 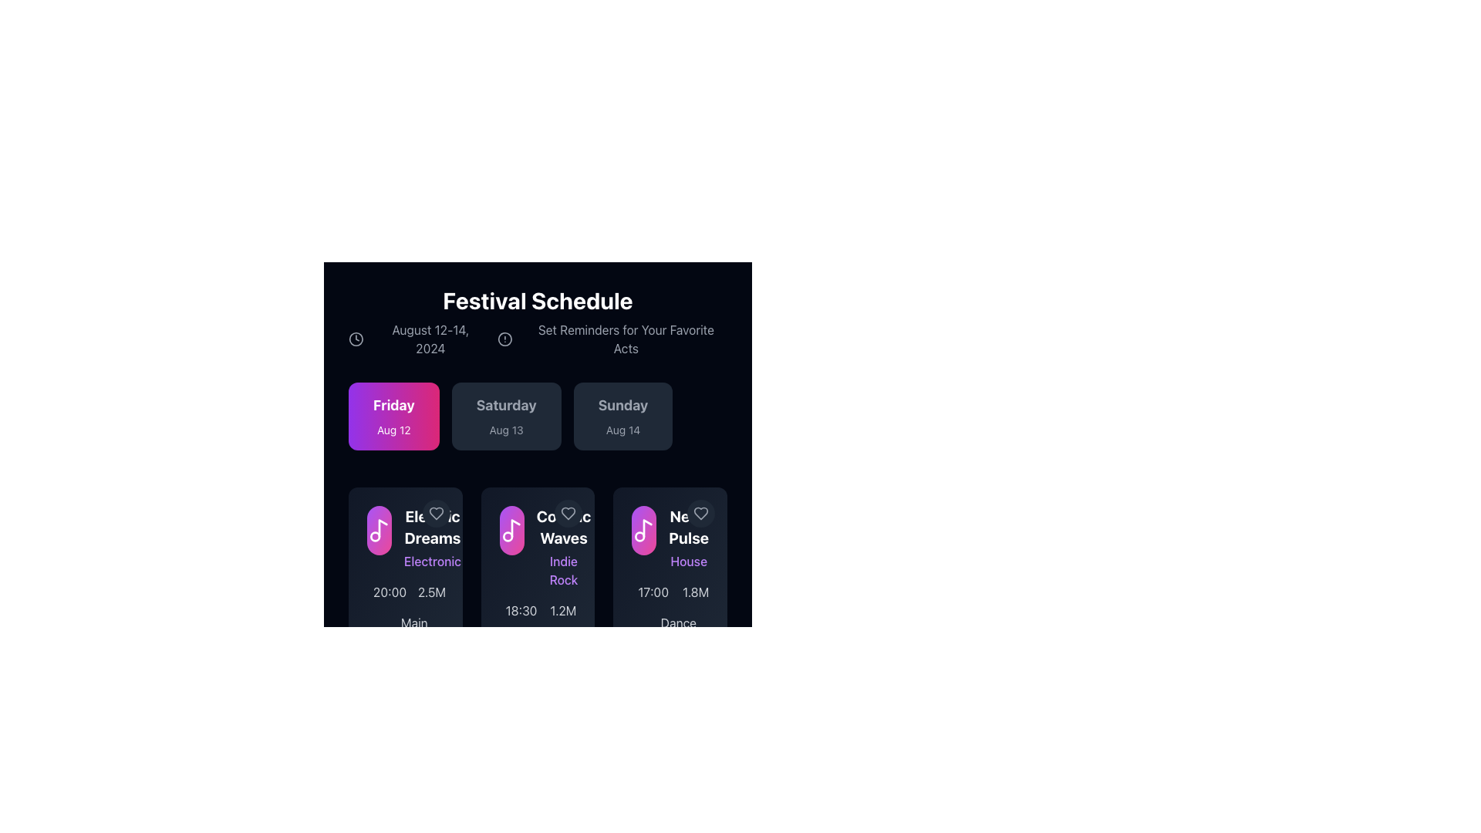 What do you see at coordinates (670, 593) in the screenshot?
I see `the event information card for 'Neon Pulse'` at bounding box center [670, 593].